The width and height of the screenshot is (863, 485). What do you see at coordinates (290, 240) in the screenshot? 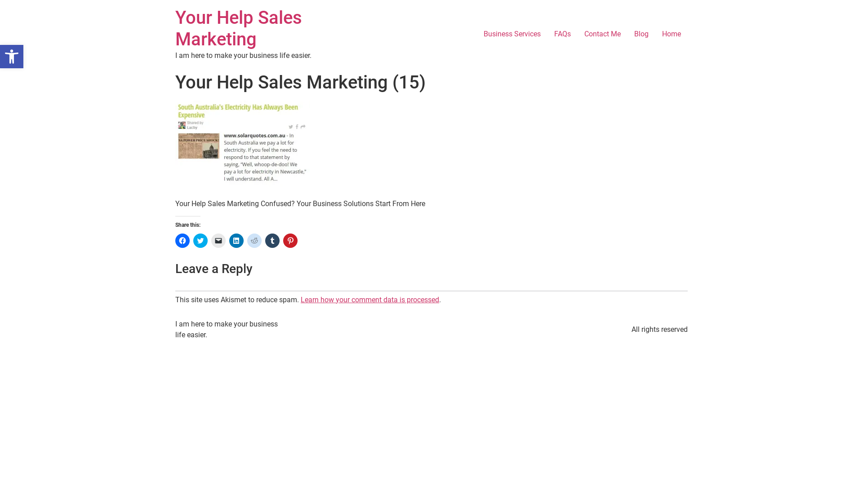
I see `'Click to share on Pinterest (Opens in new window)'` at bounding box center [290, 240].